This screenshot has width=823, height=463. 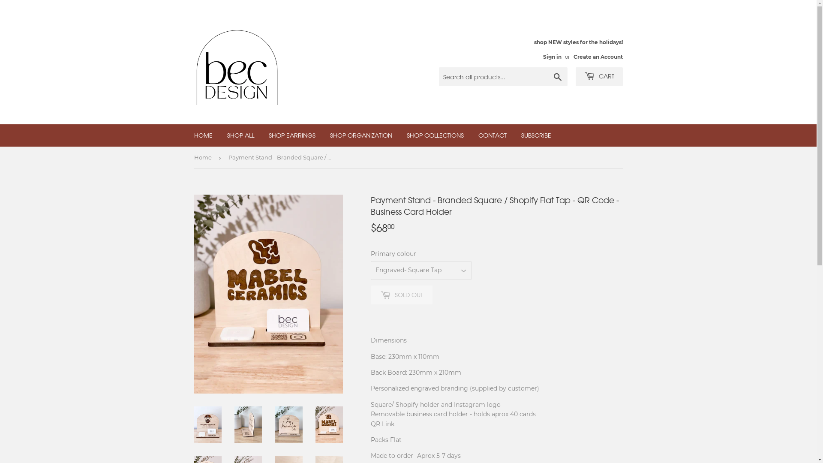 I want to click on 'SOLD OUT', so click(x=401, y=294).